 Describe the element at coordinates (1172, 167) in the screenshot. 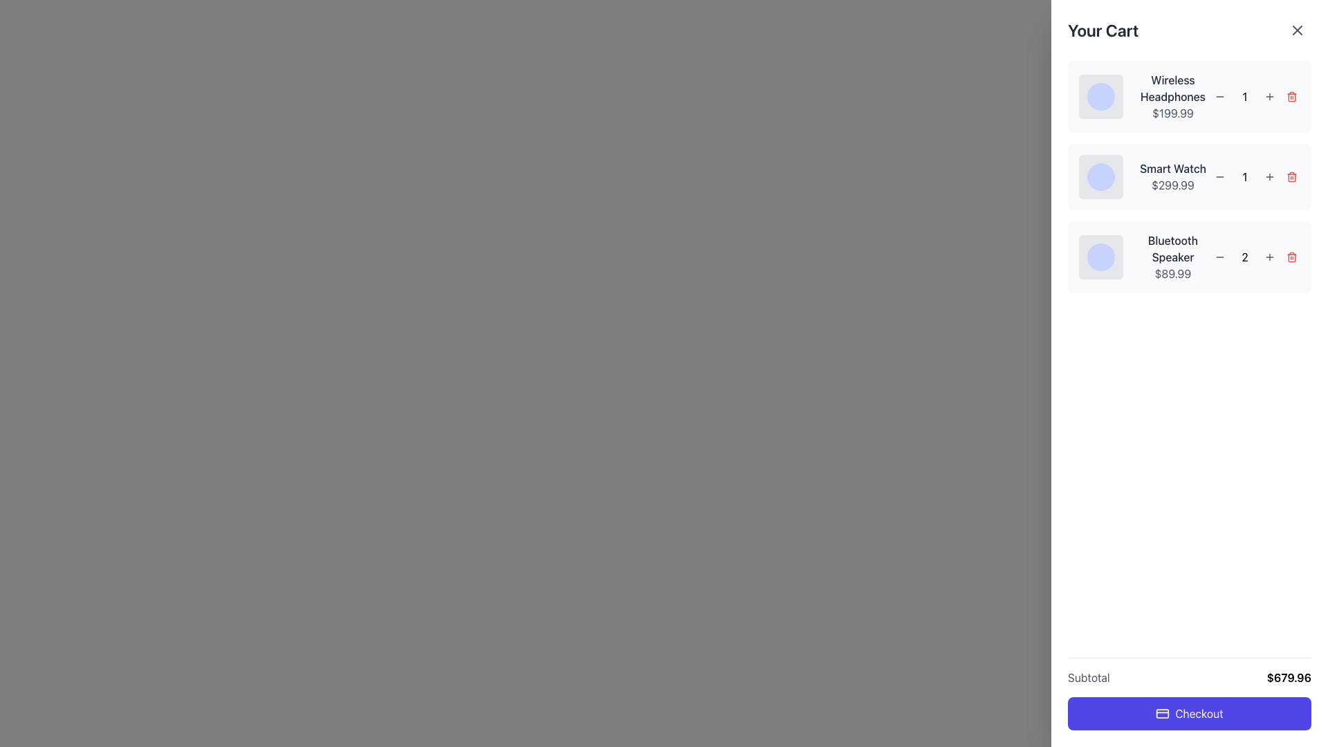

I see `the 'Smart Watch' text label in the shopping cart, which is positioned below 'Wireless Headphones' and above 'Bluetooth Speaker', aligned to the left with a price label and interactive elements` at that location.